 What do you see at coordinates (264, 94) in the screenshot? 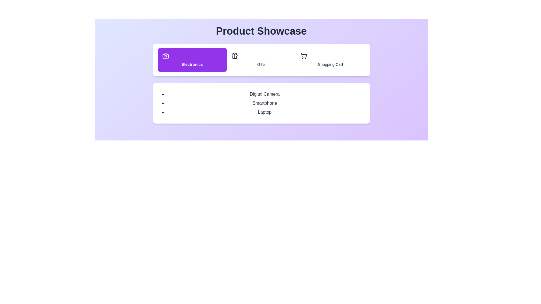
I see `the first item in the bulleted list under the 'Electronics' tab, which is a Text label for 'Tablet'` at bounding box center [264, 94].